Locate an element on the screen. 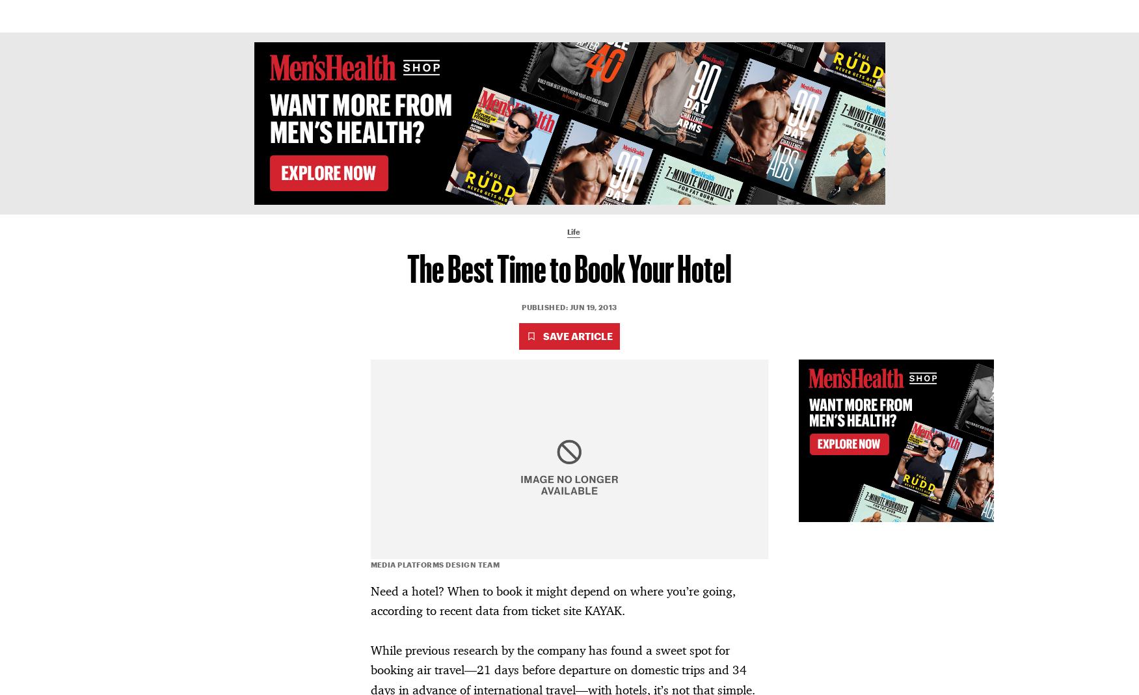 Image resolution: width=1139 pixels, height=695 pixels. 'Subscribe' is located at coordinates (876, 15).